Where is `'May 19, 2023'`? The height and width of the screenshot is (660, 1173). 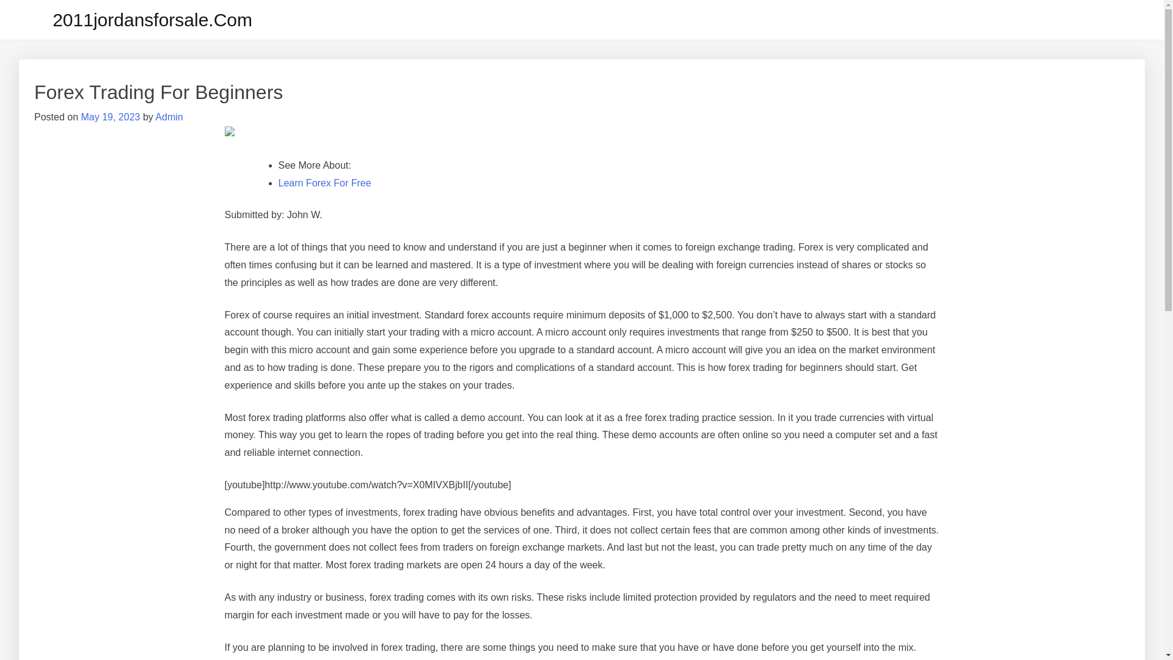 'May 19, 2023' is located at coordinates (80, 117).